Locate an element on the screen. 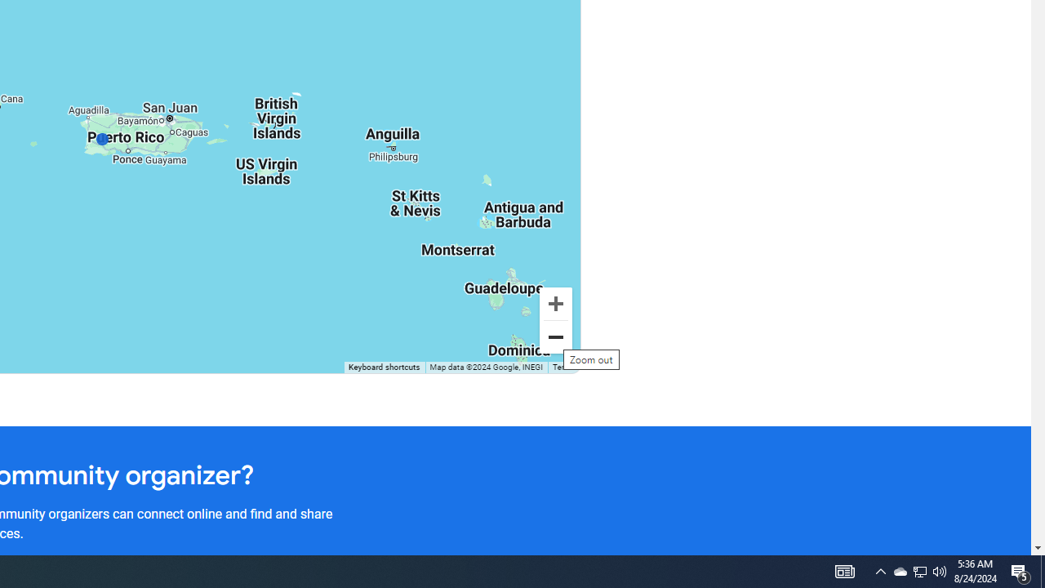  'Terms' is located at coordinates (563, 367).